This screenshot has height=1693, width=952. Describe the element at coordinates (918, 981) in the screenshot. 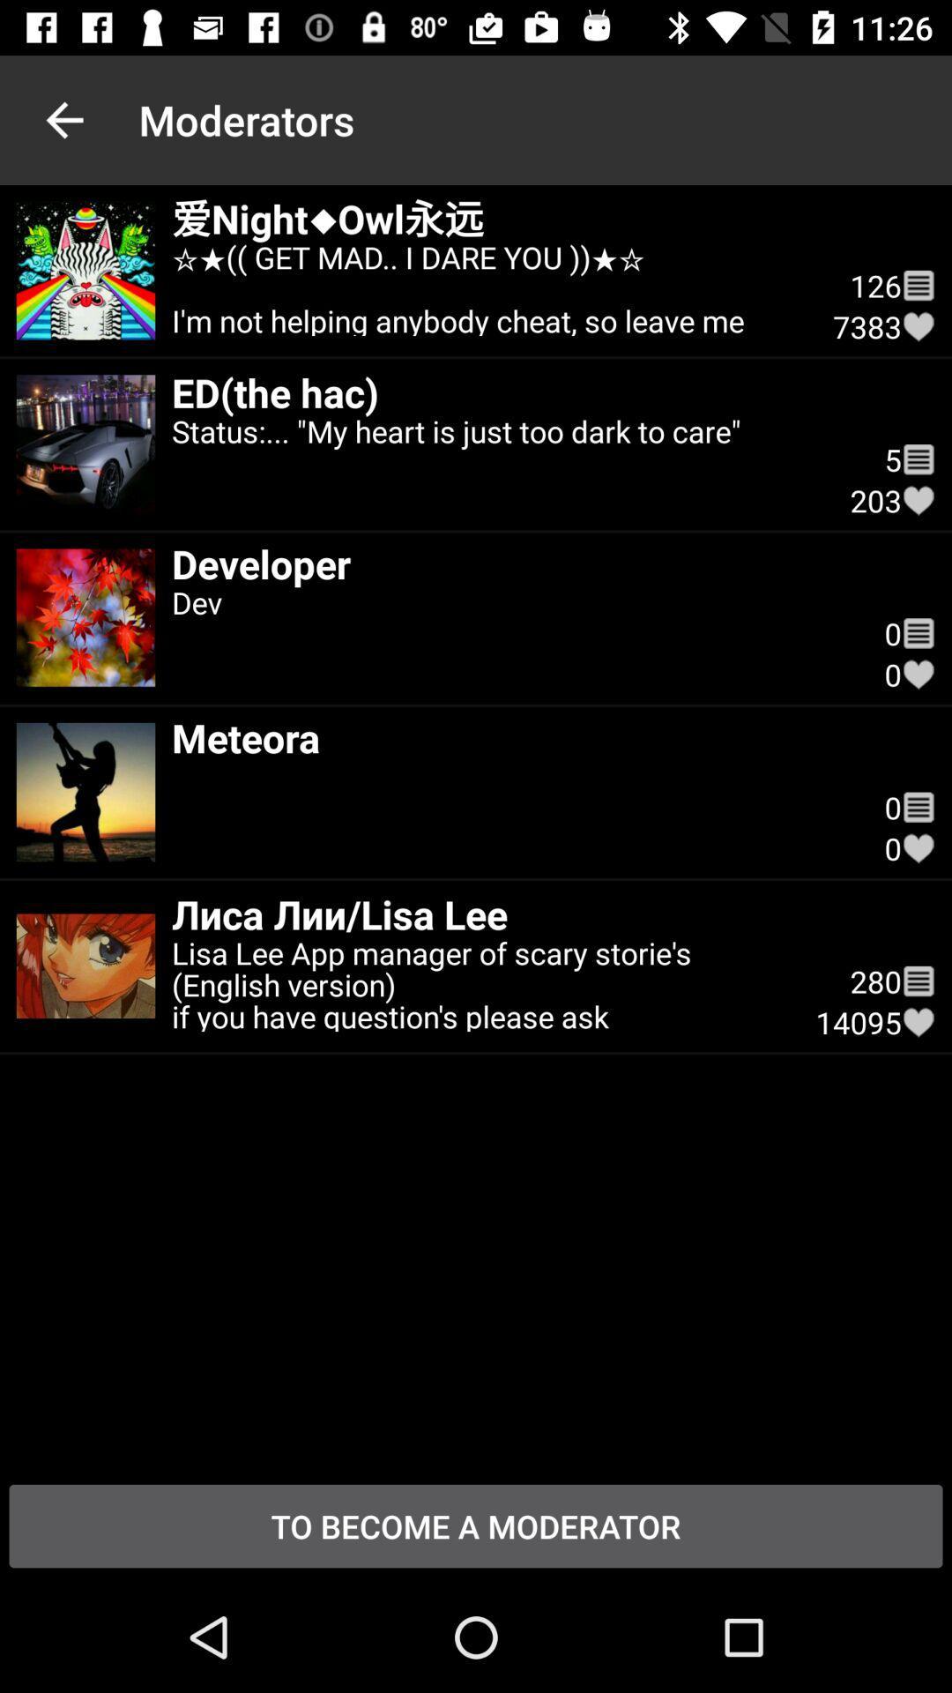

I see `the icon next to the 280 item` at that location.